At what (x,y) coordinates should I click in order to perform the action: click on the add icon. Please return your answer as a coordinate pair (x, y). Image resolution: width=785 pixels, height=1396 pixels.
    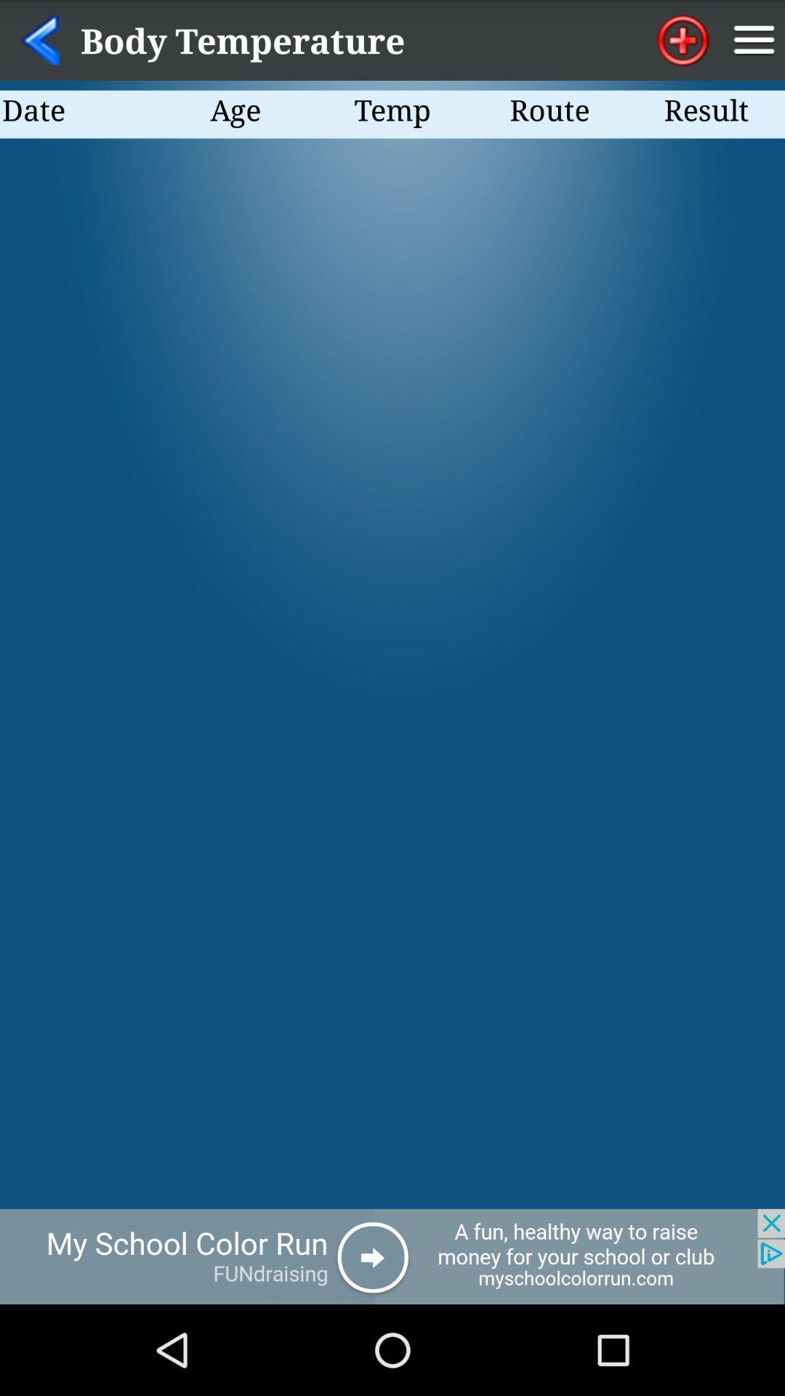
    Looking at the image, I should click on (683, 43).